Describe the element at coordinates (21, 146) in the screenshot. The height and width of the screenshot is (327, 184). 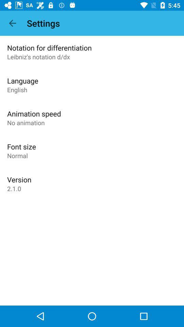
I see `the font size item` at that location.